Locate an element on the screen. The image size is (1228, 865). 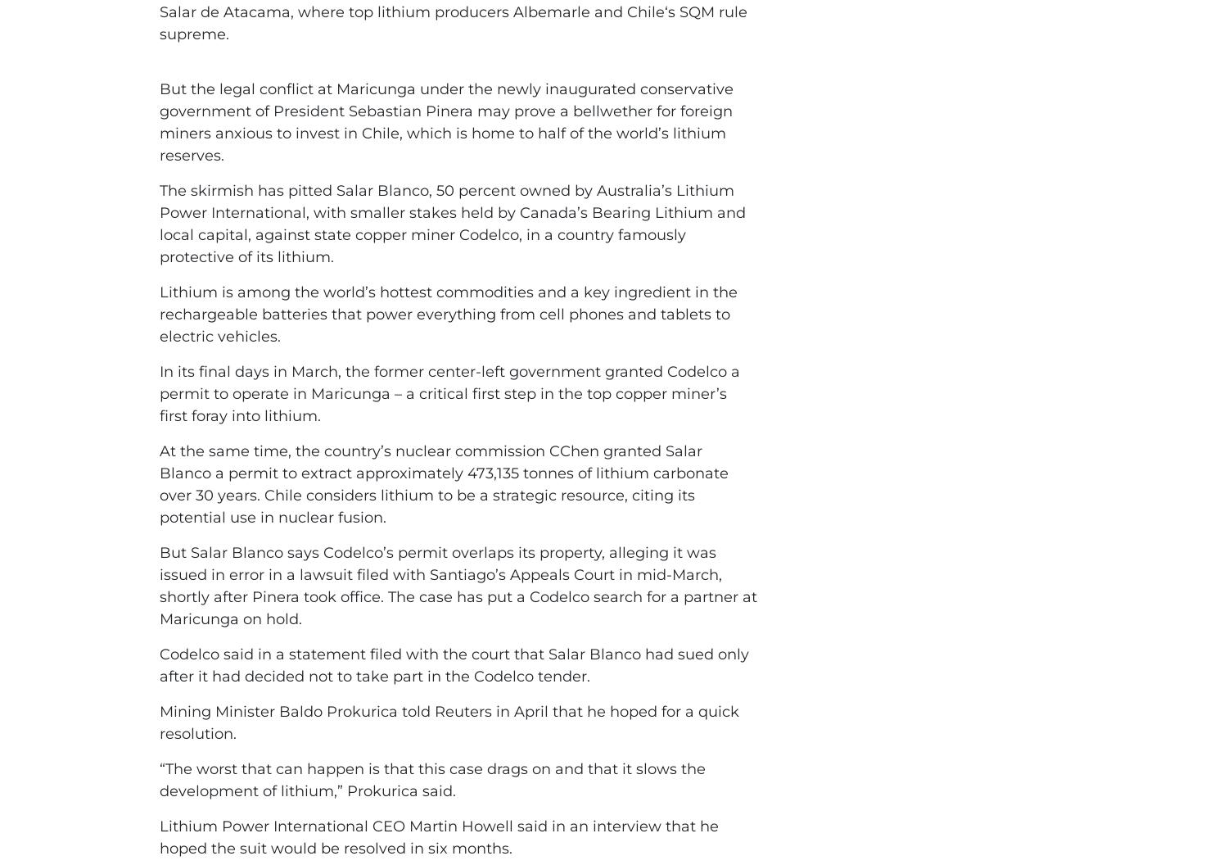
'At the same time, the country’s nuclear commission CChen granted Salar Blanco a permit to extract approximately 473,135 tonnes of lithium carbonate over 30 years.' is located at coordinates (444, 473).